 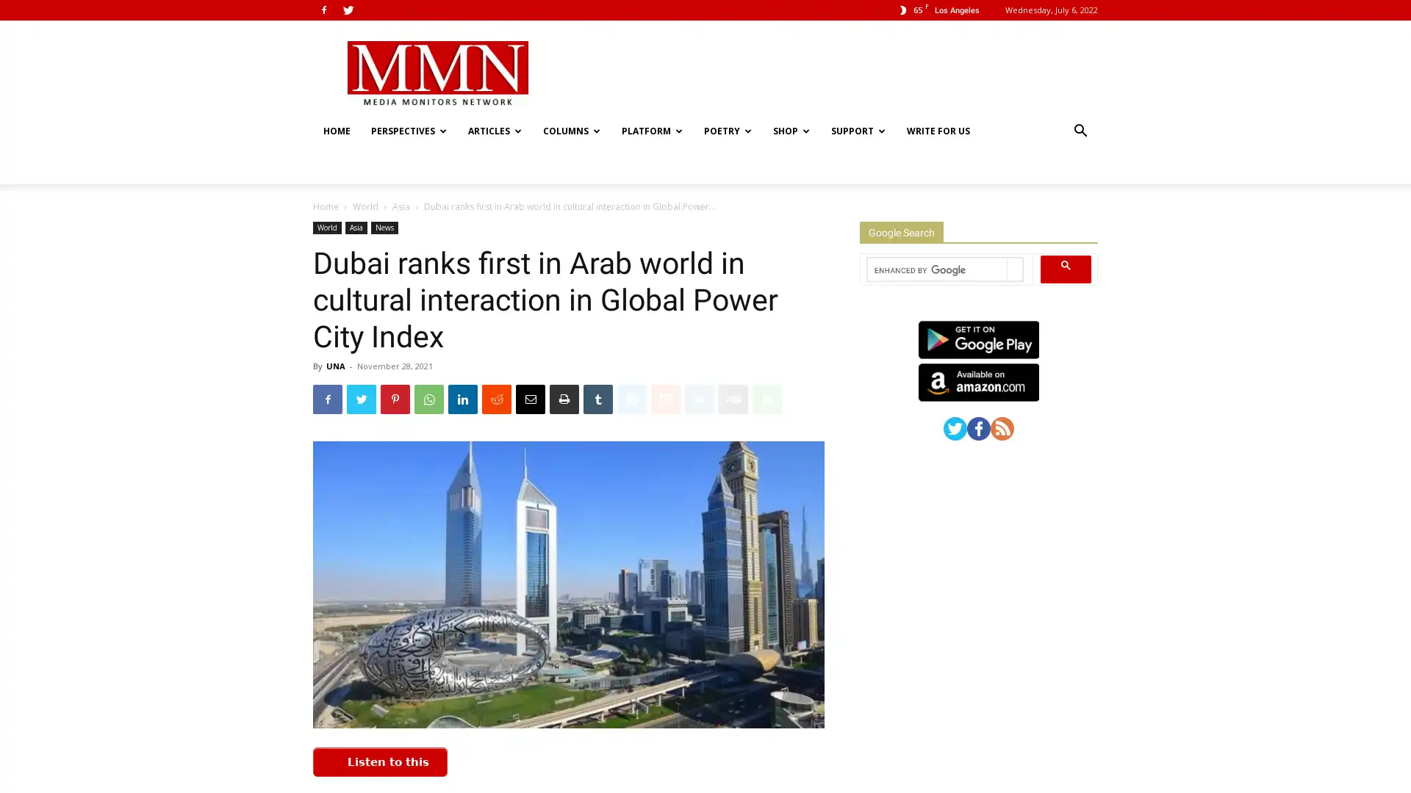 What do you see at coordinates (380, 727) in the screenshot?
I see `Listen to this` at bounding box center [380, 727].